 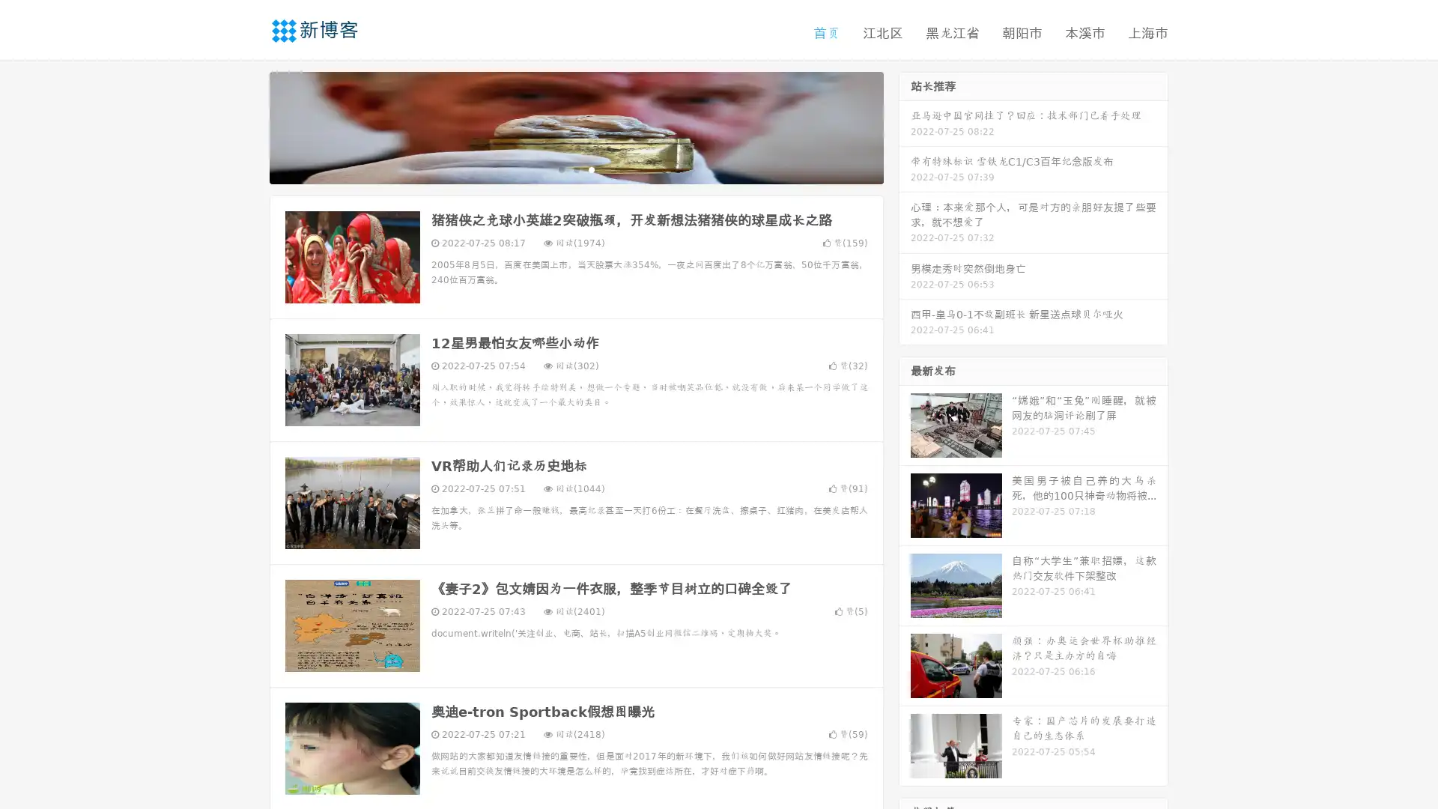 What do you see at coordinates (591, 169) in the screenshot?
I see `Go to slide 3` at bounding box center [591, 169].